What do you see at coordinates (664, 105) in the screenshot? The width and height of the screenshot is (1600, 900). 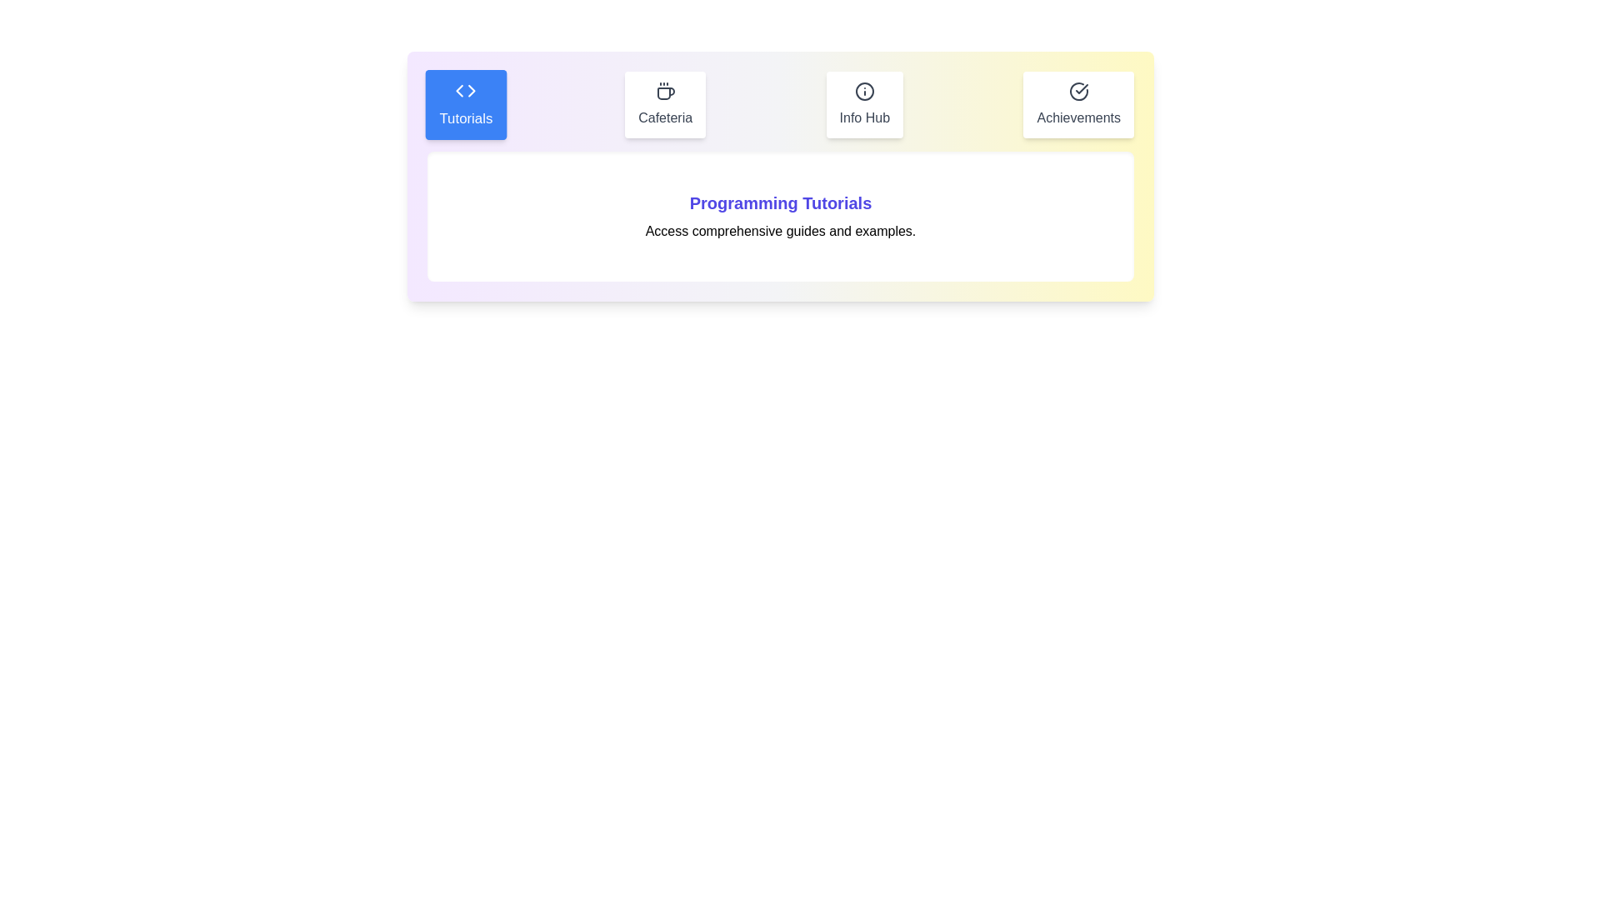 I see `the Cafeteria tab to view its content` at bounding box center [664, 105].